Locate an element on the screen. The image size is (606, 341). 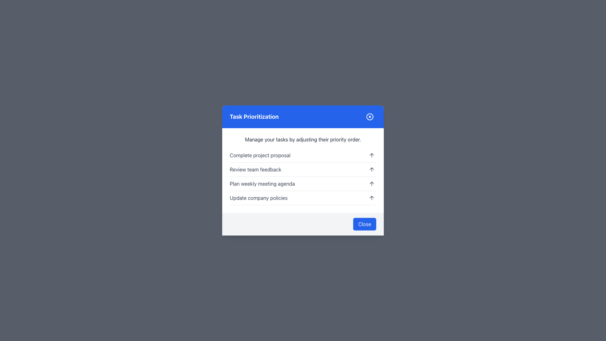
the second task entry in the interactive list component located at the center of the dialog box to interact with adjacent elements is located at coordinates (303, 176).